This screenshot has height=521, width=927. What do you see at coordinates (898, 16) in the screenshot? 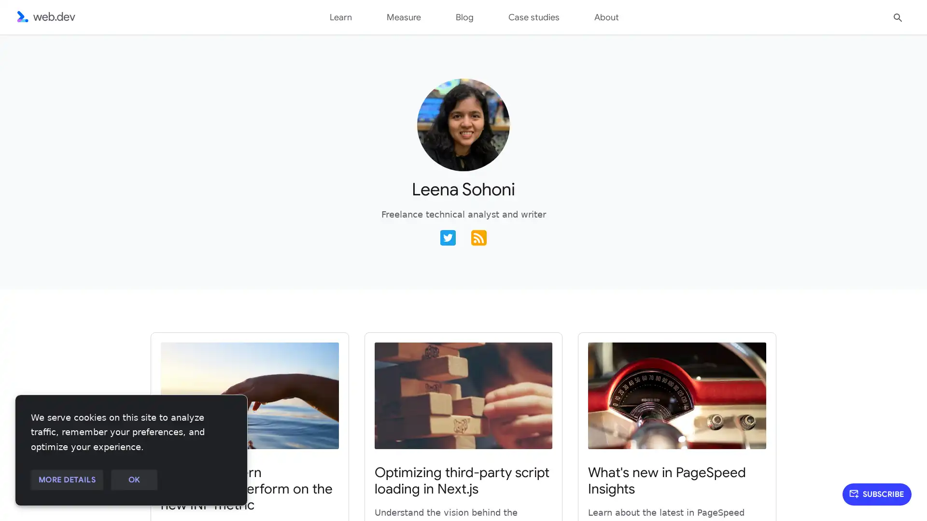
I see `Open search` at bounding box center [898, 16].